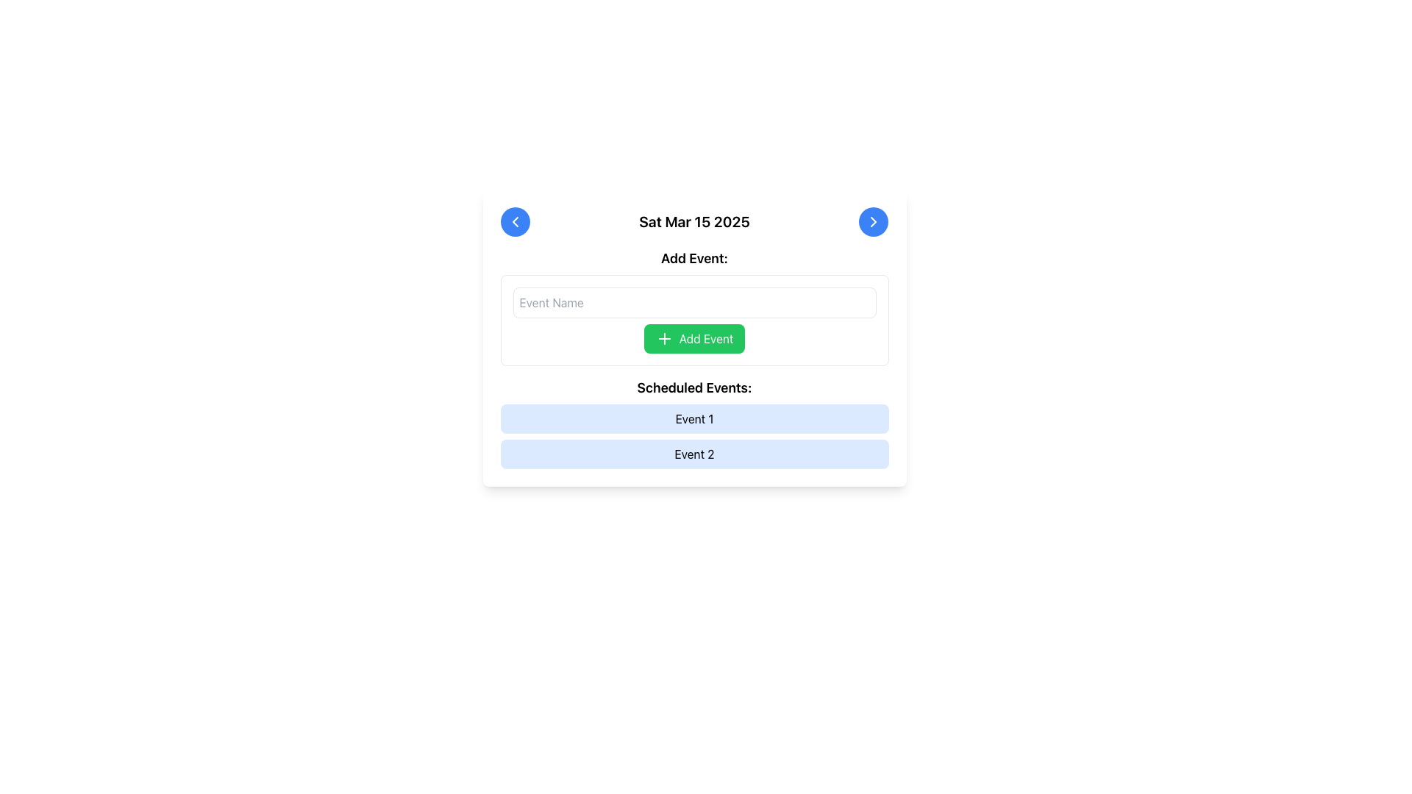  Describe the element at coordinates (693, 257) in the screenshot. I see `the static text element that serves as a header for the event details form, which is centrally aligned and positioned above the 'Event Name' input field and the 'Add Event' button` at that location.